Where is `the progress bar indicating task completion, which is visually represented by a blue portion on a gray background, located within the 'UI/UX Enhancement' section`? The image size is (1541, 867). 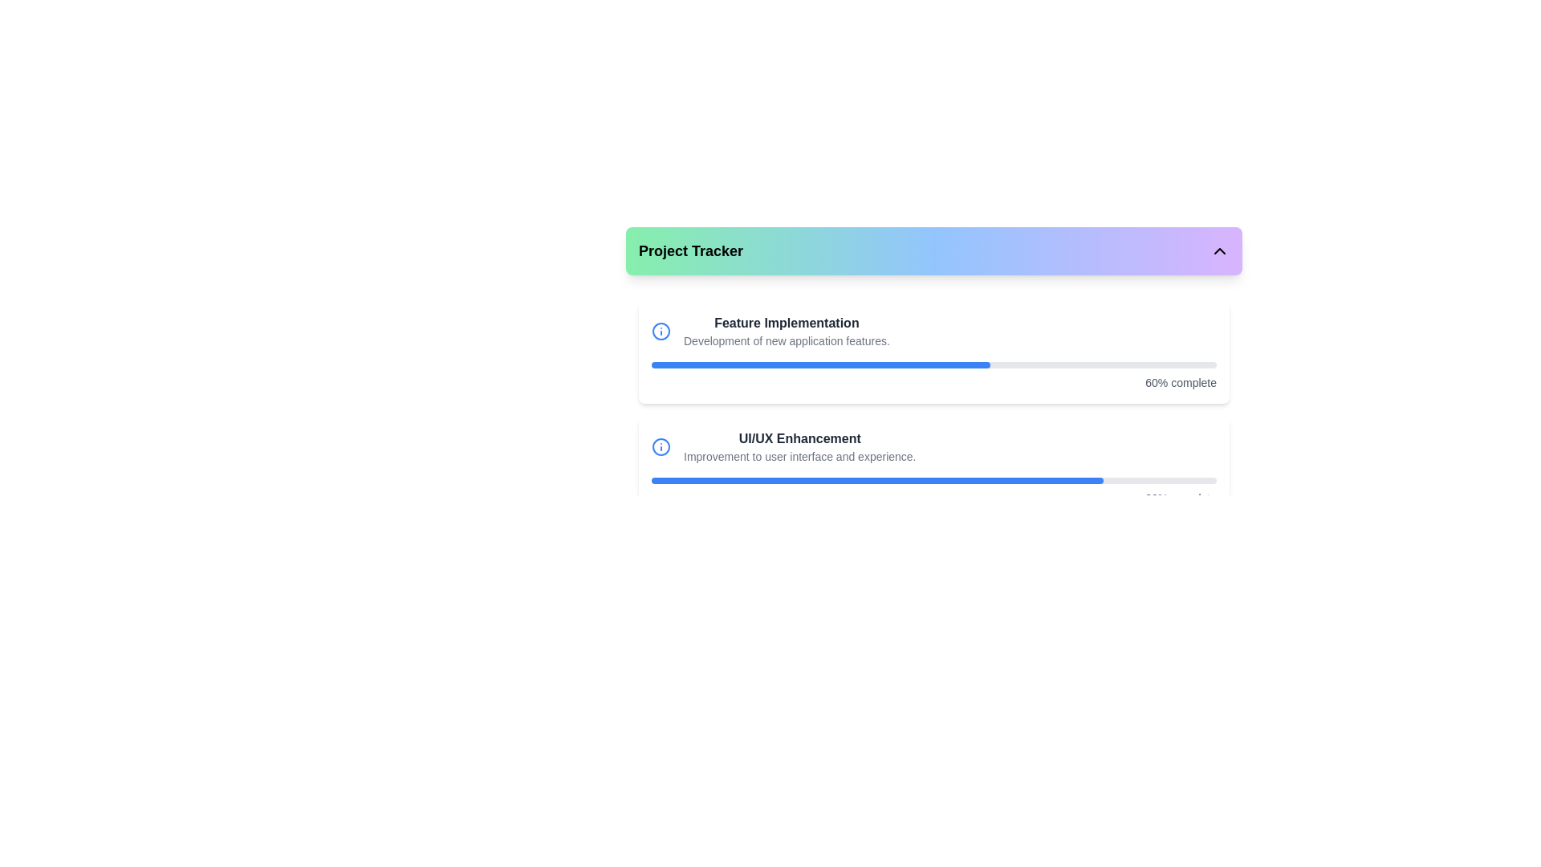 the progress bar indicating task completion, which is visually represented by a blue portion on a gray background, located within the 'UI/UX Enhancement' section is located at coordinates (933, 479).